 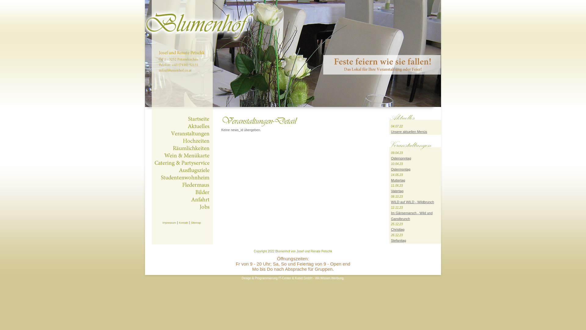 What do you see at coordinates (412, 202) in the screenshot?
I see `'WILD auf WILD - Wildbrunch'` at bounding box center [412, 202].